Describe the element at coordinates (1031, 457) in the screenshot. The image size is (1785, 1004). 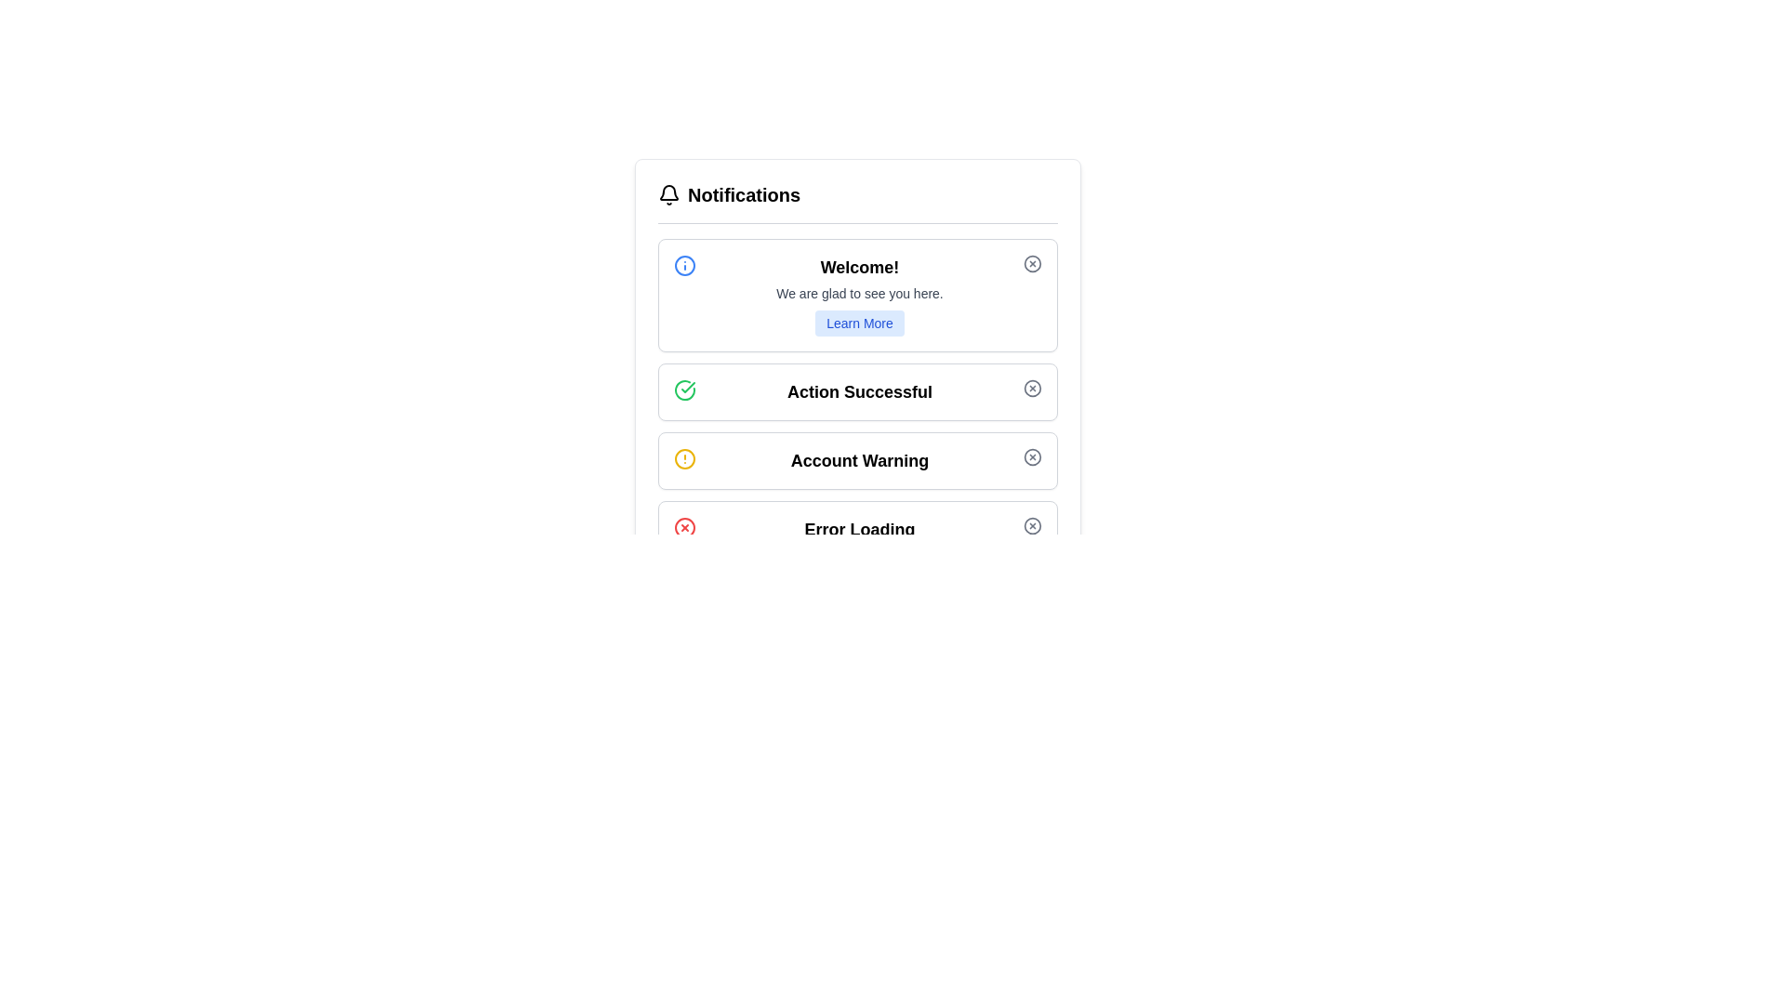
I see `the SVG circle element that functions as part of a 'circle-x' icon for clearing or closing notifications, located on the right side of the interface` at that location.